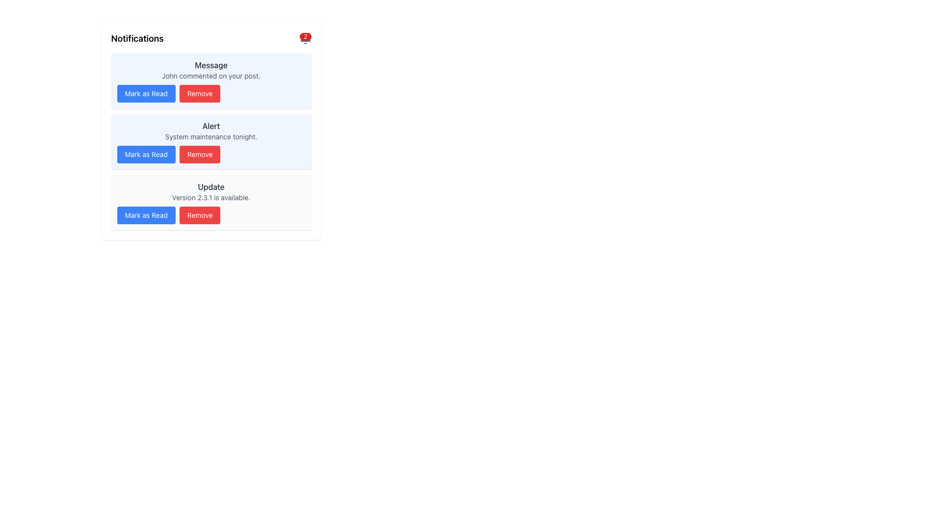 This screenshot has height=530, width=942. What do you see at coordinates (210, 197) in the screenshot?
I see `the text label displaying 'Version 2.3.1 is available' located below the 'Update' heading in the notification card` at bounding box center [210, 197].